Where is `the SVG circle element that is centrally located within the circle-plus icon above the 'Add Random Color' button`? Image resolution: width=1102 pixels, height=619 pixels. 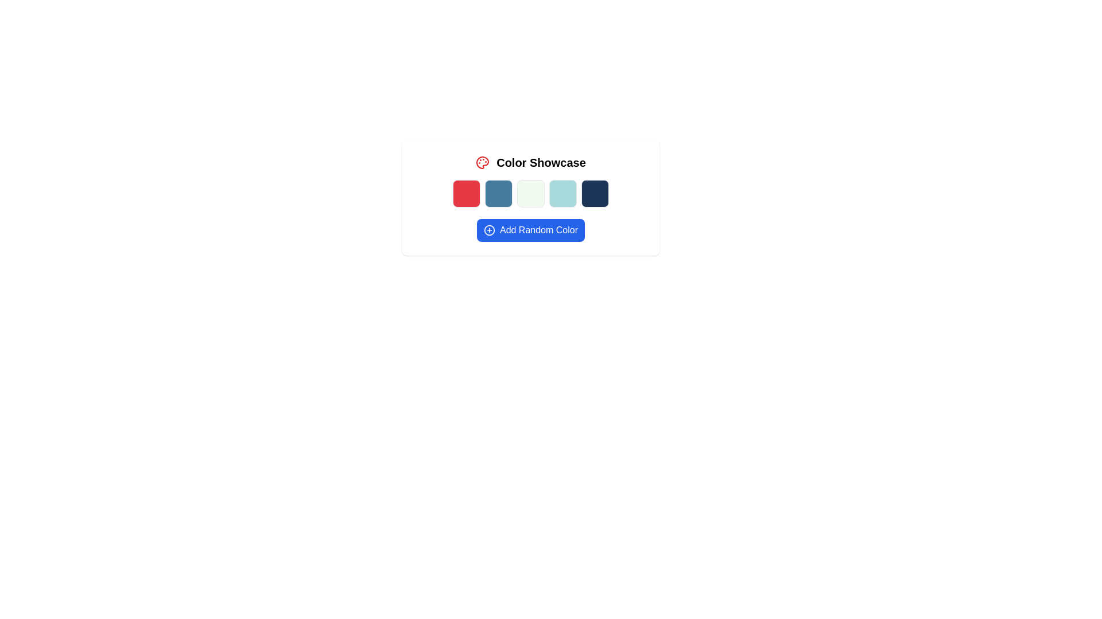 the SVG circle element that is centrally located within the circle-plus icon above the 'Add Random Color' button is located at coordinates (489, 230).